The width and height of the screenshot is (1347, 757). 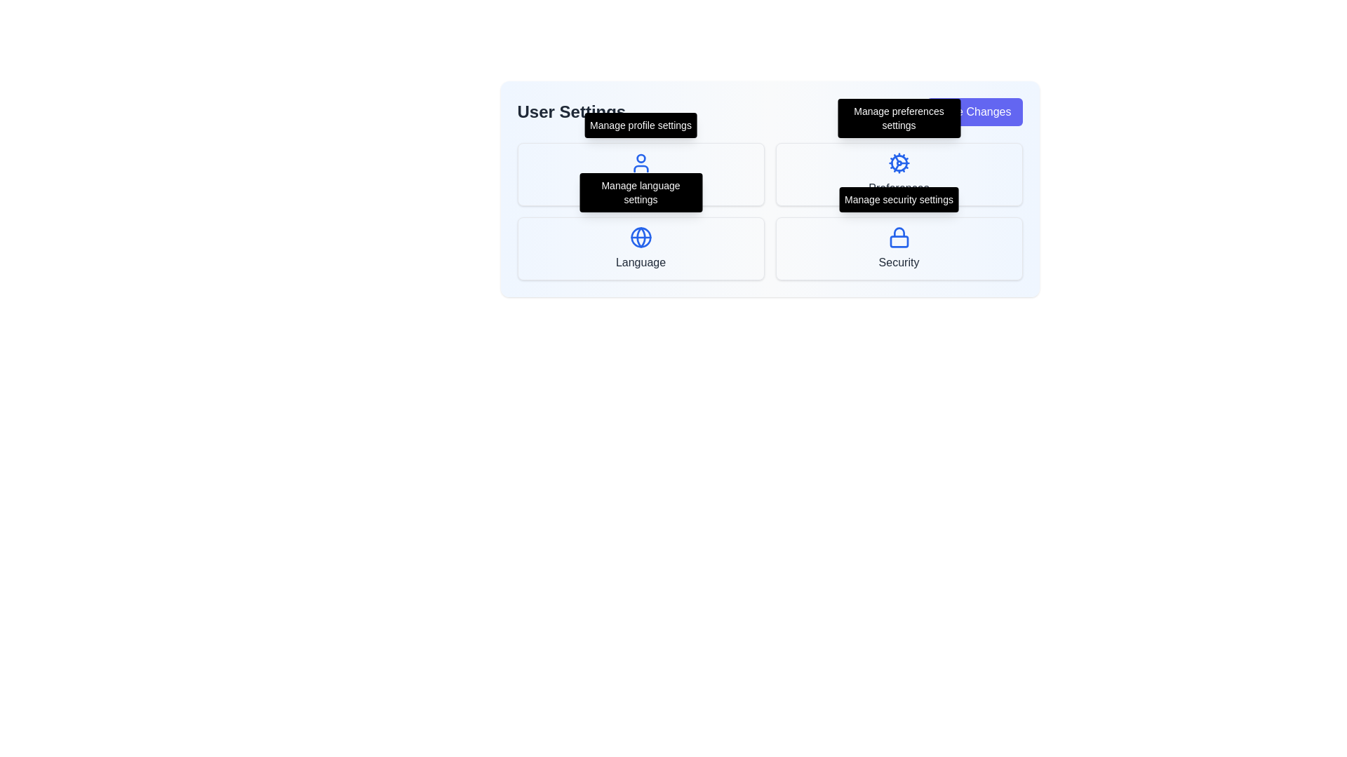 What do you see at coordinates (973, 111) in the screenshot?
I see `the 'Save Changes' button with rounded corners and a blue background` at bounding box center [973, 111].